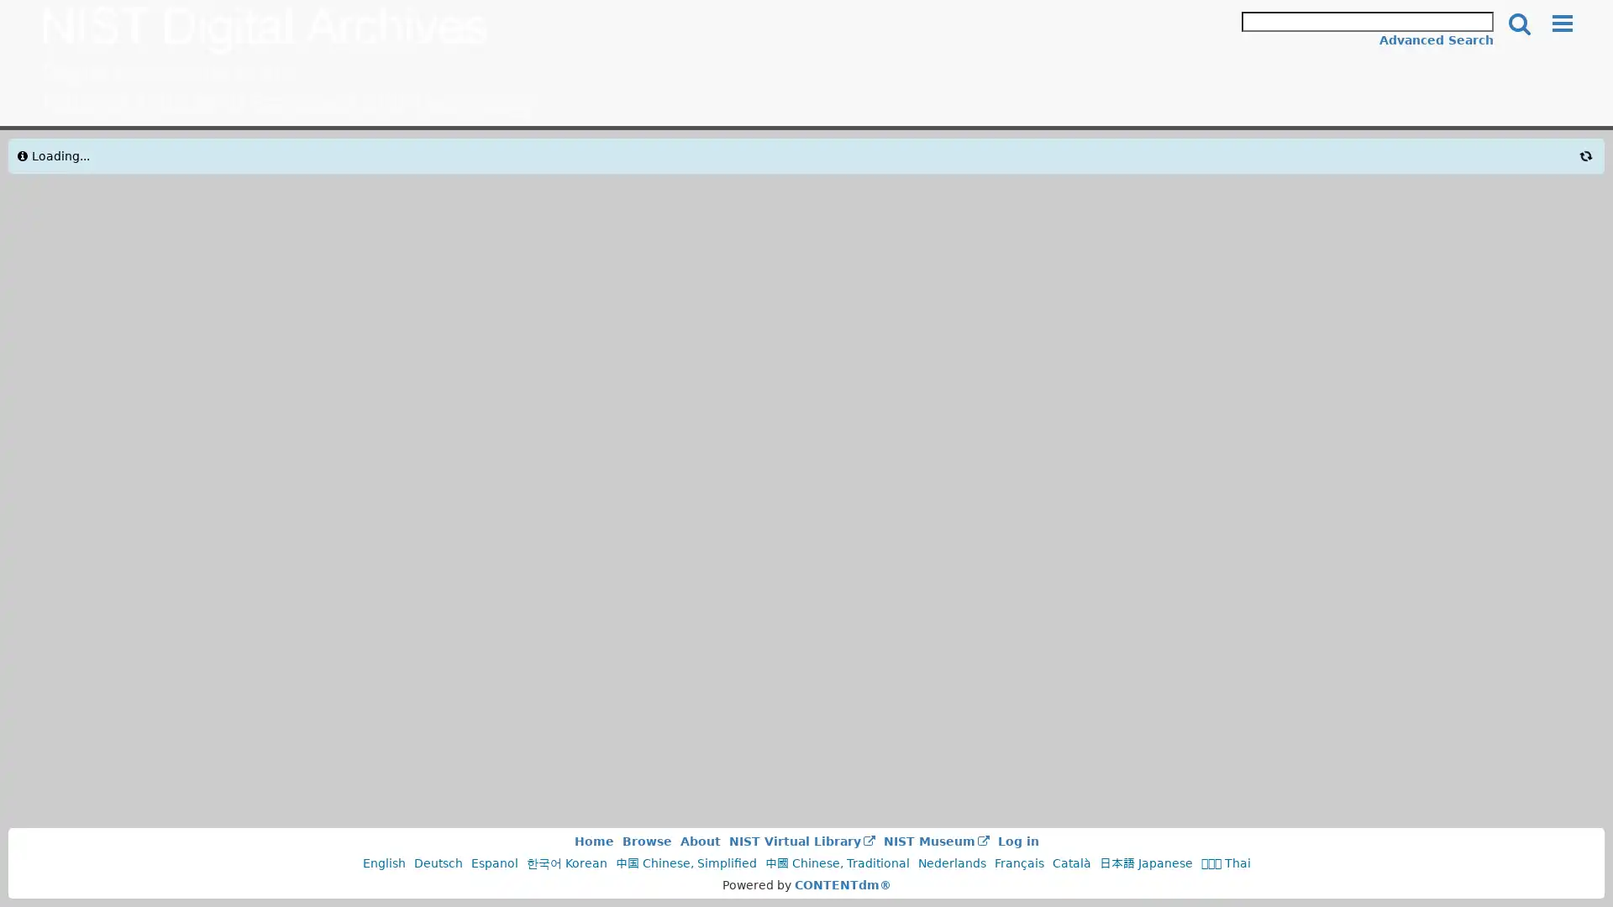 The height and width of the screenshot is (907, 1613). I want to click on close SeriesTitle Facet details, so click(96, 460).